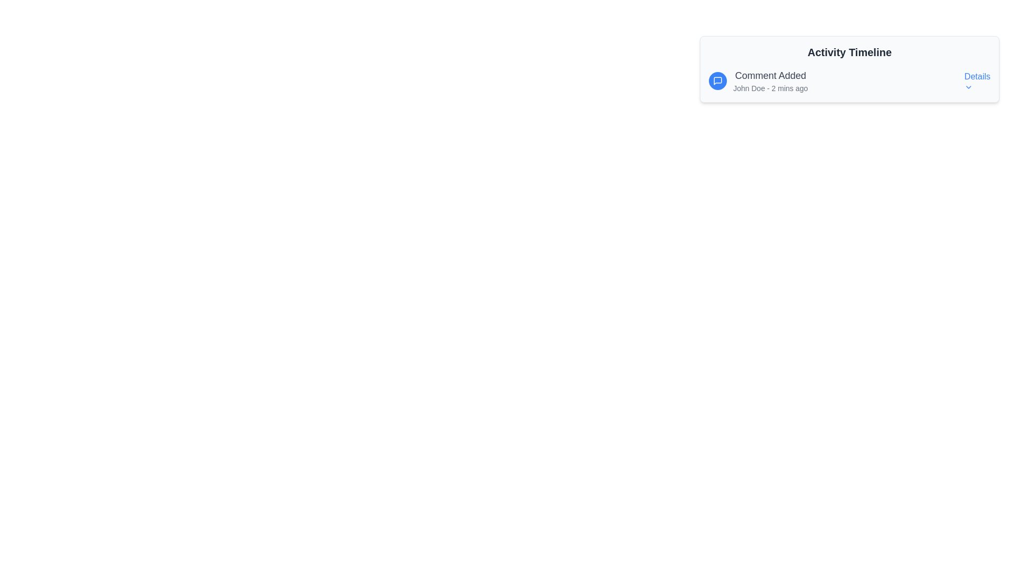  What do you see at coordinates (717, 81) in the screenshot?
I see `the circular blue button with a white chat bubble icon to interact with the comment icon` at bounding box center [717, 81].